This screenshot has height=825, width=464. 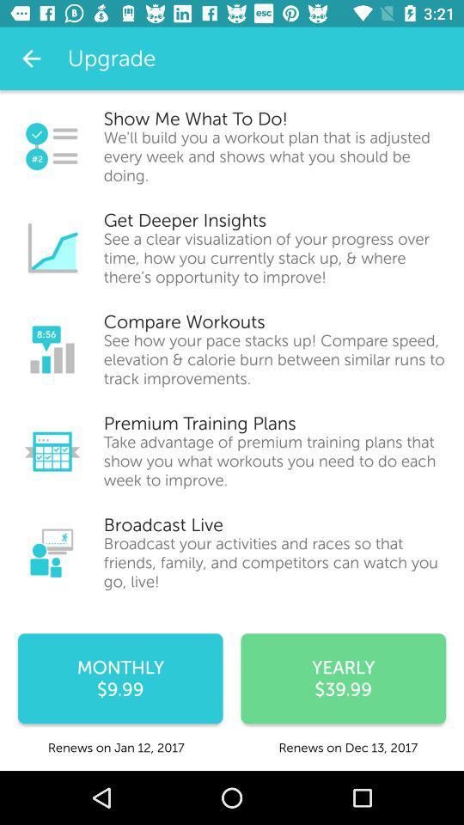 I want to click on the icon next to upgrade item, so click(x=31, y=58).